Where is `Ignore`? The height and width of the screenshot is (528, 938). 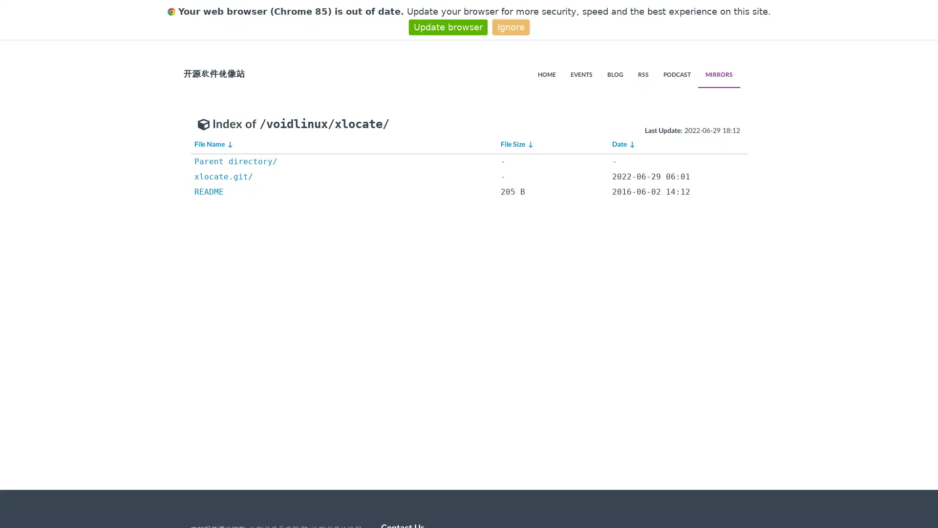
Ignore is located at coordinates (510, 26).